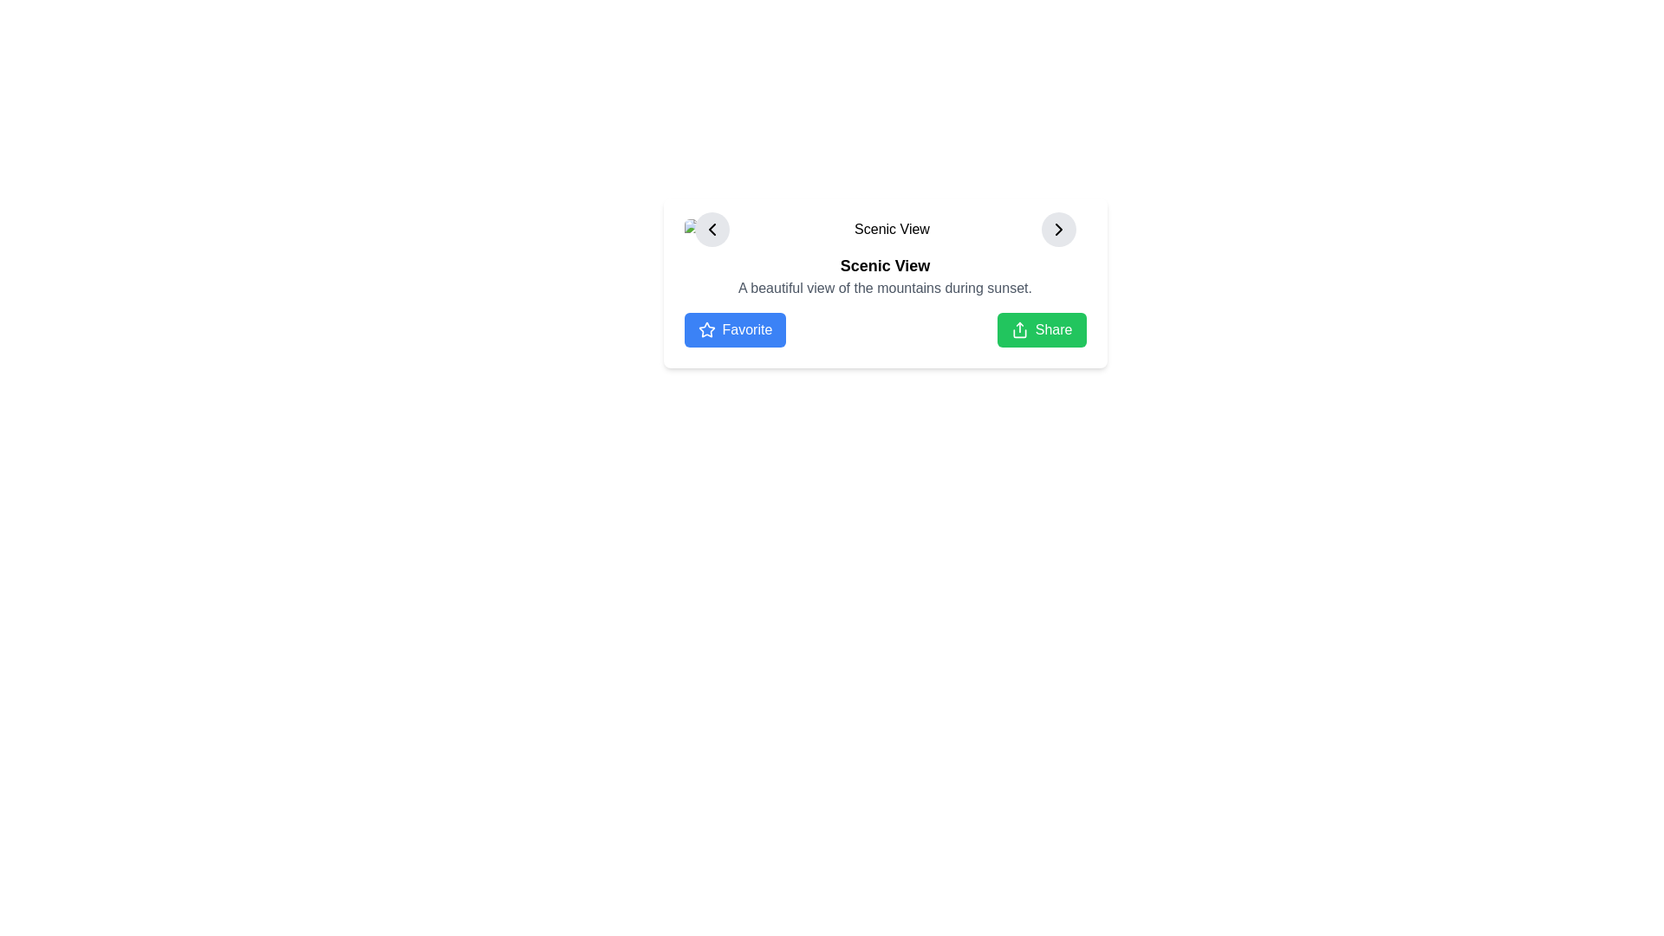 Image resolution: width=1664 pixels, height=936 pixels. Describe the element at coordinates (1057, 229) in the screenshot. I see `the right-pointing chevron arrow icon inside the circular button with a light gray background located at the top right corner of the card interface` at that location.